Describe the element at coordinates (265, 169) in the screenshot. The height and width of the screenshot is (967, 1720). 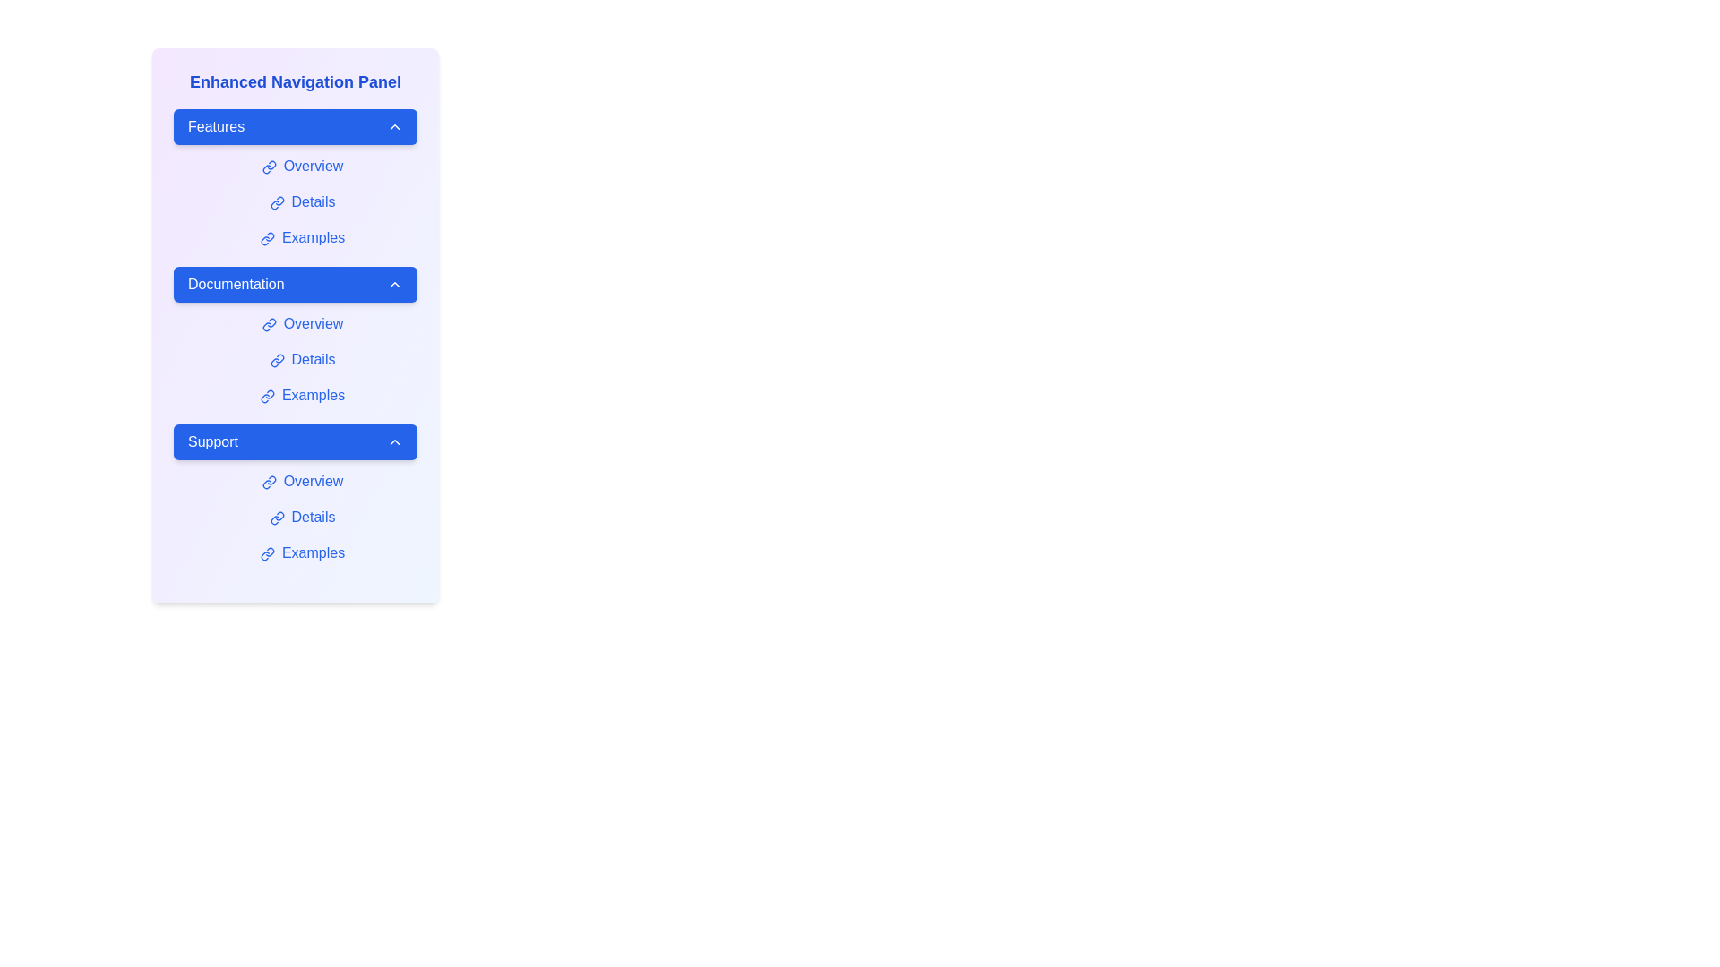
I see `decorative icon associated with the 'Overview' text label located in the 'Features' section of the sidebar` at that location.